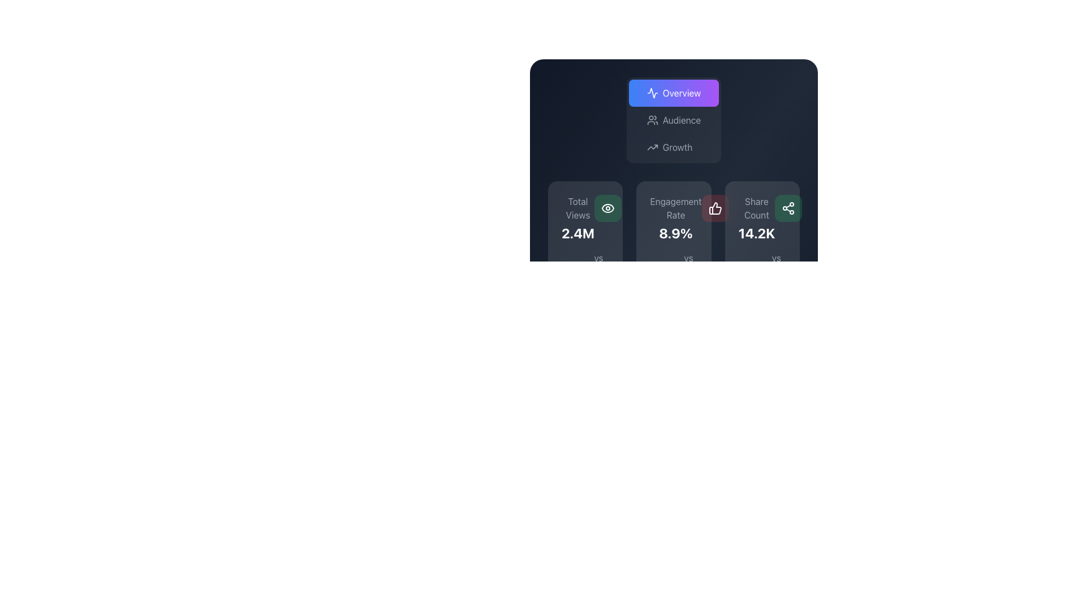 The image size is (1086, 610). What do you see at coordinates (681, 120) in the screenshot?
I see `the 'Audience' text label, which is styled in light gray and located next to a user group icon` at bounding box center [681, 120].